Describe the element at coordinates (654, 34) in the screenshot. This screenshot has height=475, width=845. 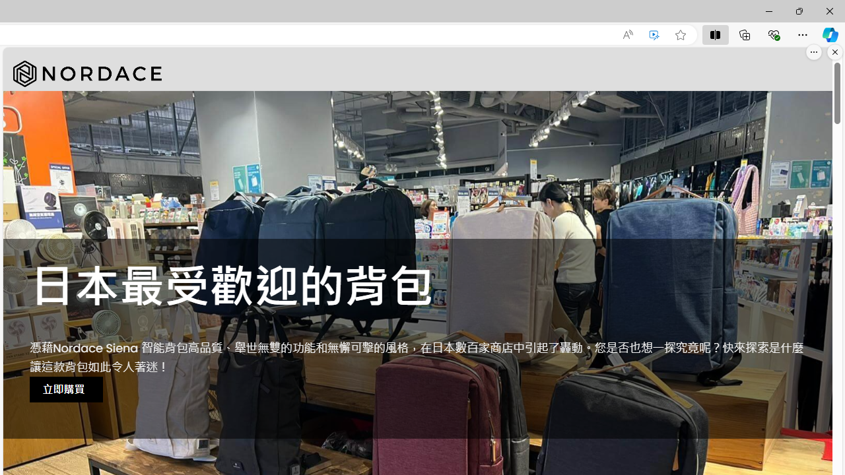
I see `'Enhance video'` at that location.